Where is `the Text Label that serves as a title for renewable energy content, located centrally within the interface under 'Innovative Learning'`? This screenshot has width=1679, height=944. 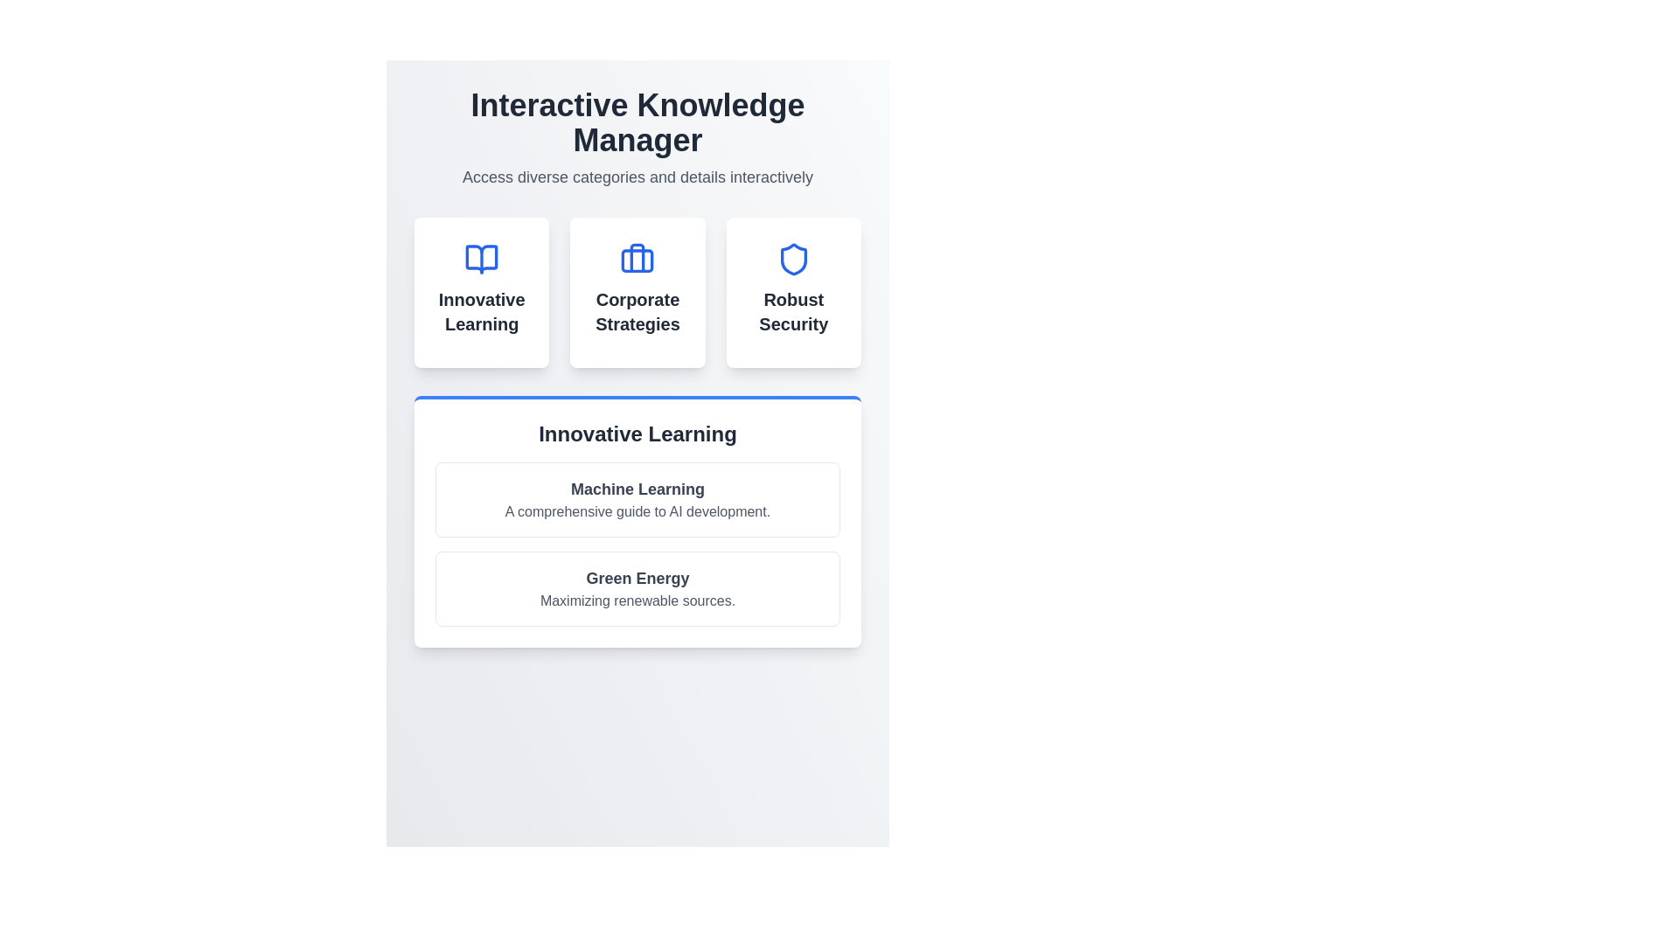 the Text Label that serves as a title for renewable energy content, located centrally within the interface under 'Innovative Learning' is located at coordinates (637, 579).